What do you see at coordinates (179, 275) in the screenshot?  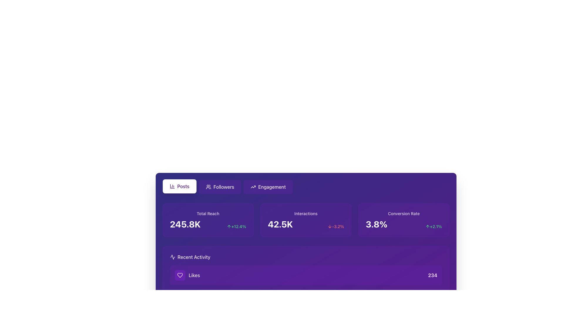 I see `the decorative or functional icon in the 'Recent Activity' section adjacent to the 'Likes' label on the purple dashboard interface` at bounding box center [179, 275].